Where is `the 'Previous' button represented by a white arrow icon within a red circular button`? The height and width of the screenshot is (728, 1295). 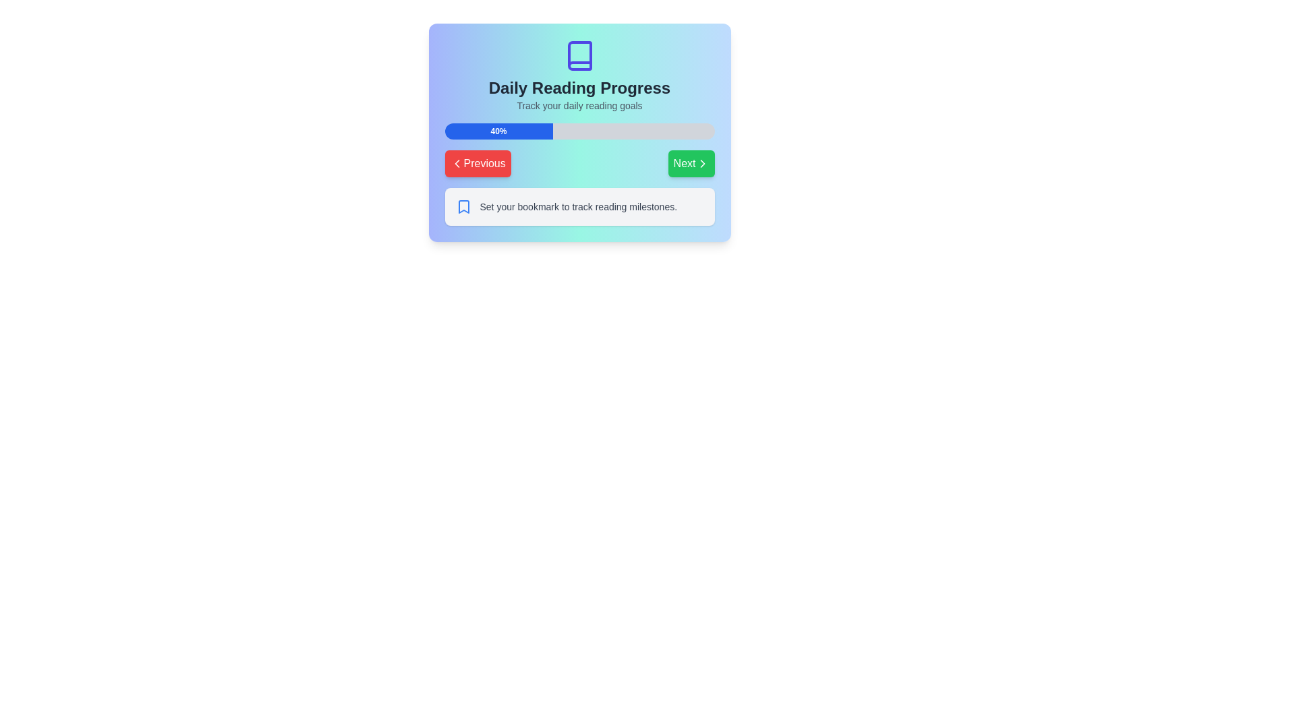
the 'Previous' button represented by a white arrow icon within a red circular button is located at coordinates (457, 163).